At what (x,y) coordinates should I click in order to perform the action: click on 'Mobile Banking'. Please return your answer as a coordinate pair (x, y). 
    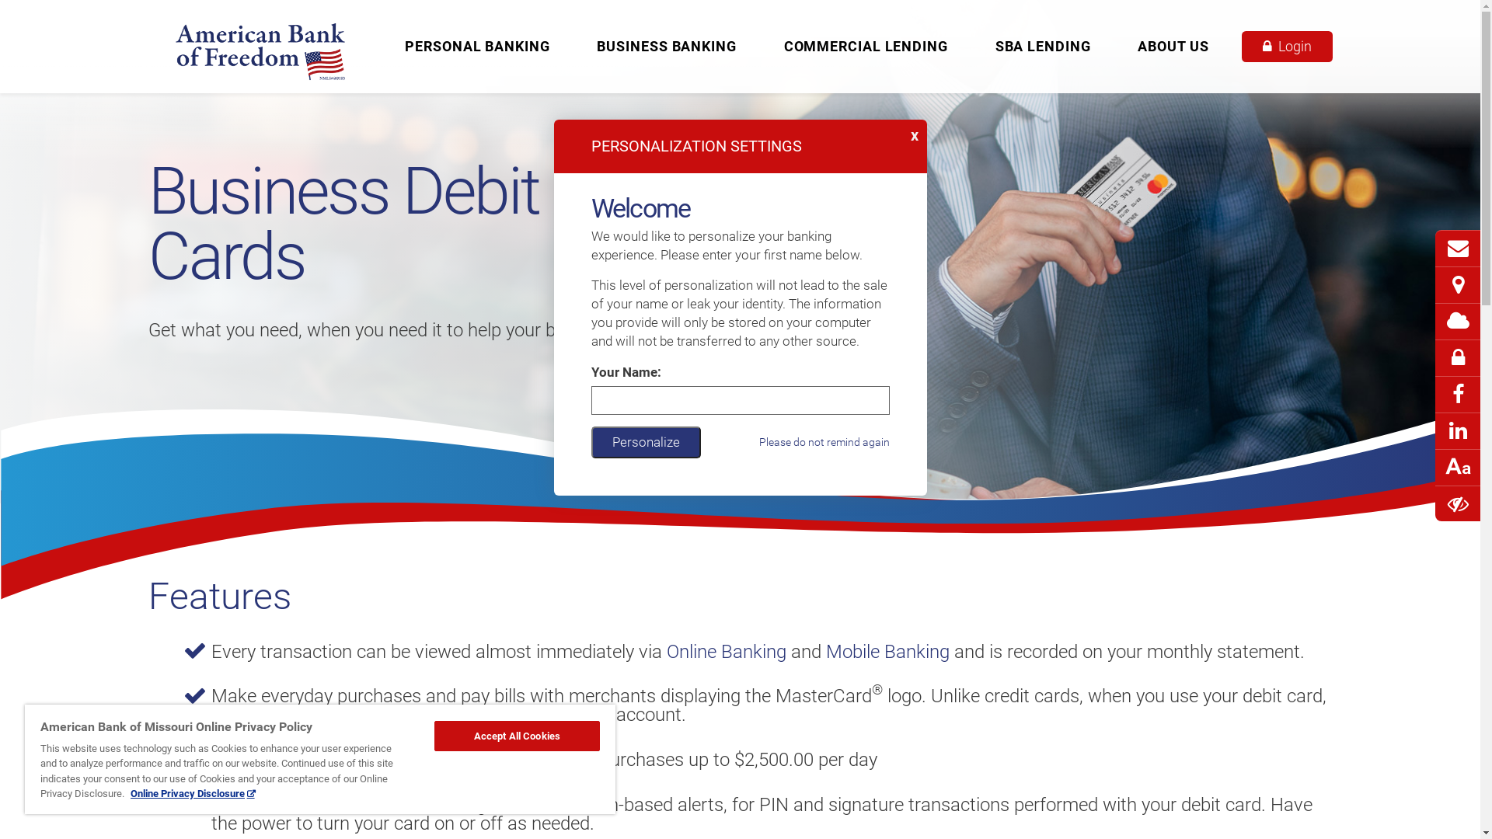
    Looking at the image, I should click on (887, 652).